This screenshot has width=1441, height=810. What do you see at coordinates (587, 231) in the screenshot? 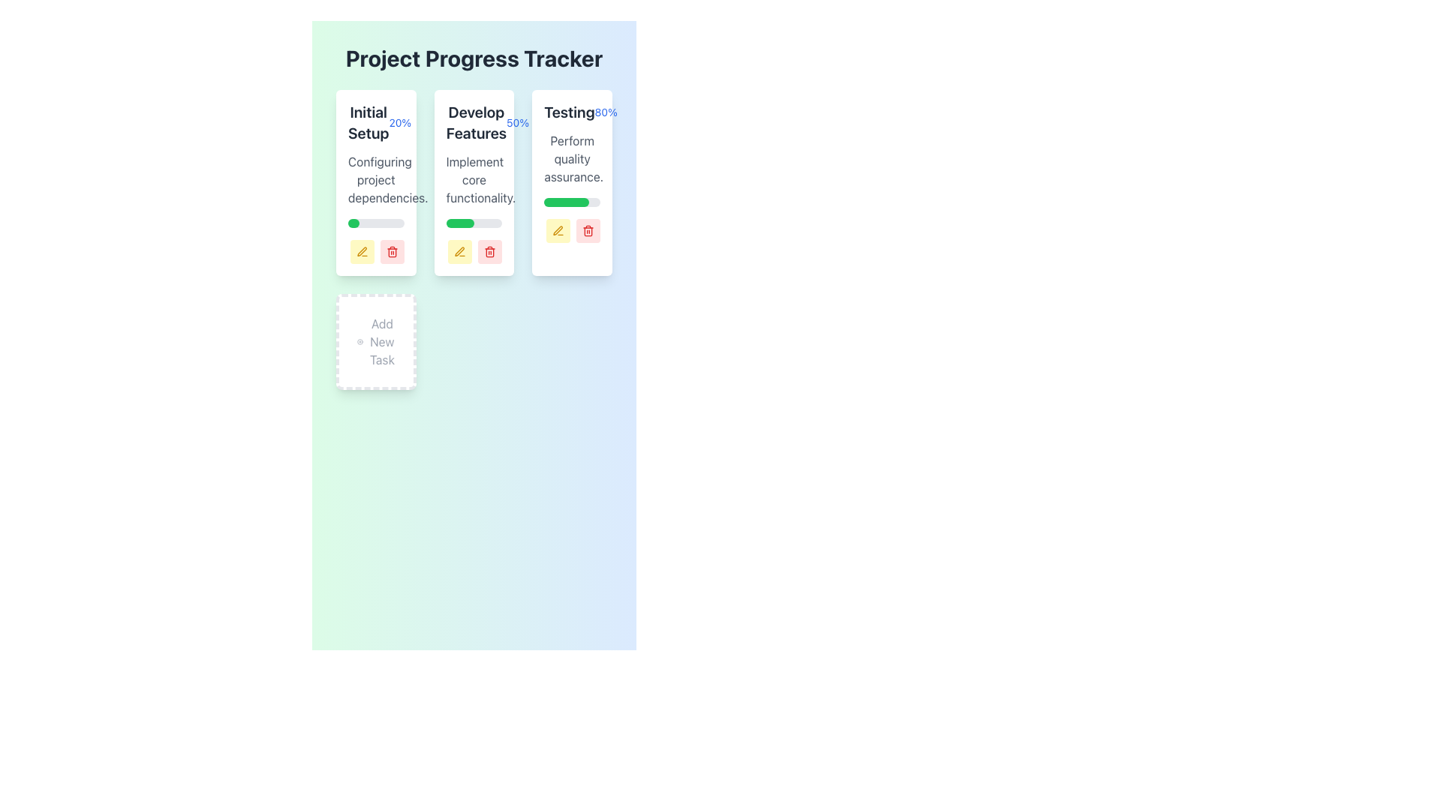
I see `the delete icon button located at the bottom right corner of the 'Testing' card` at bounding box center [587, 231].